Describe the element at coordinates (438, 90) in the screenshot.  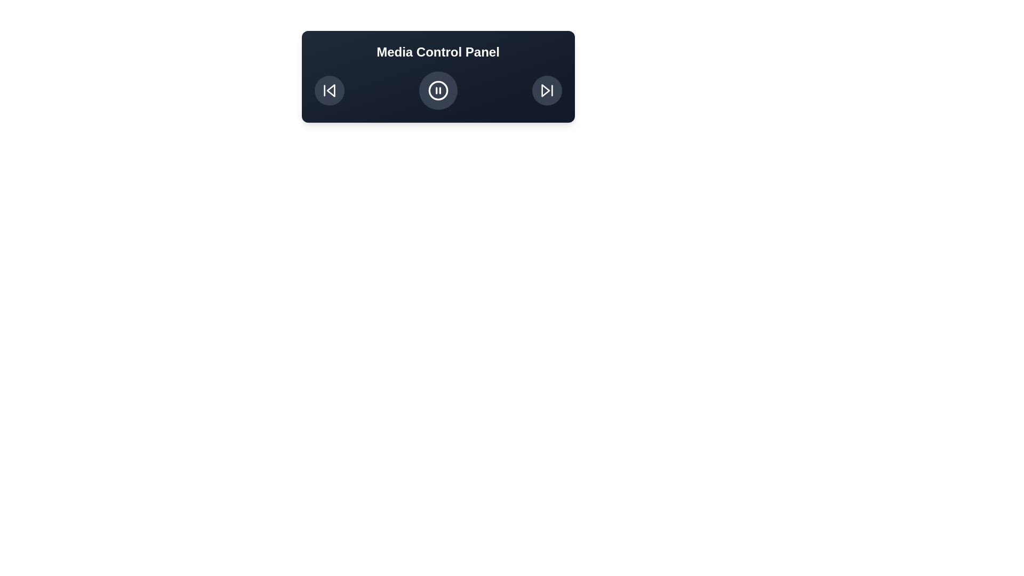
I see `the pause function icon outline (circle), which serves as a visual indicator and is centrally` at that location.